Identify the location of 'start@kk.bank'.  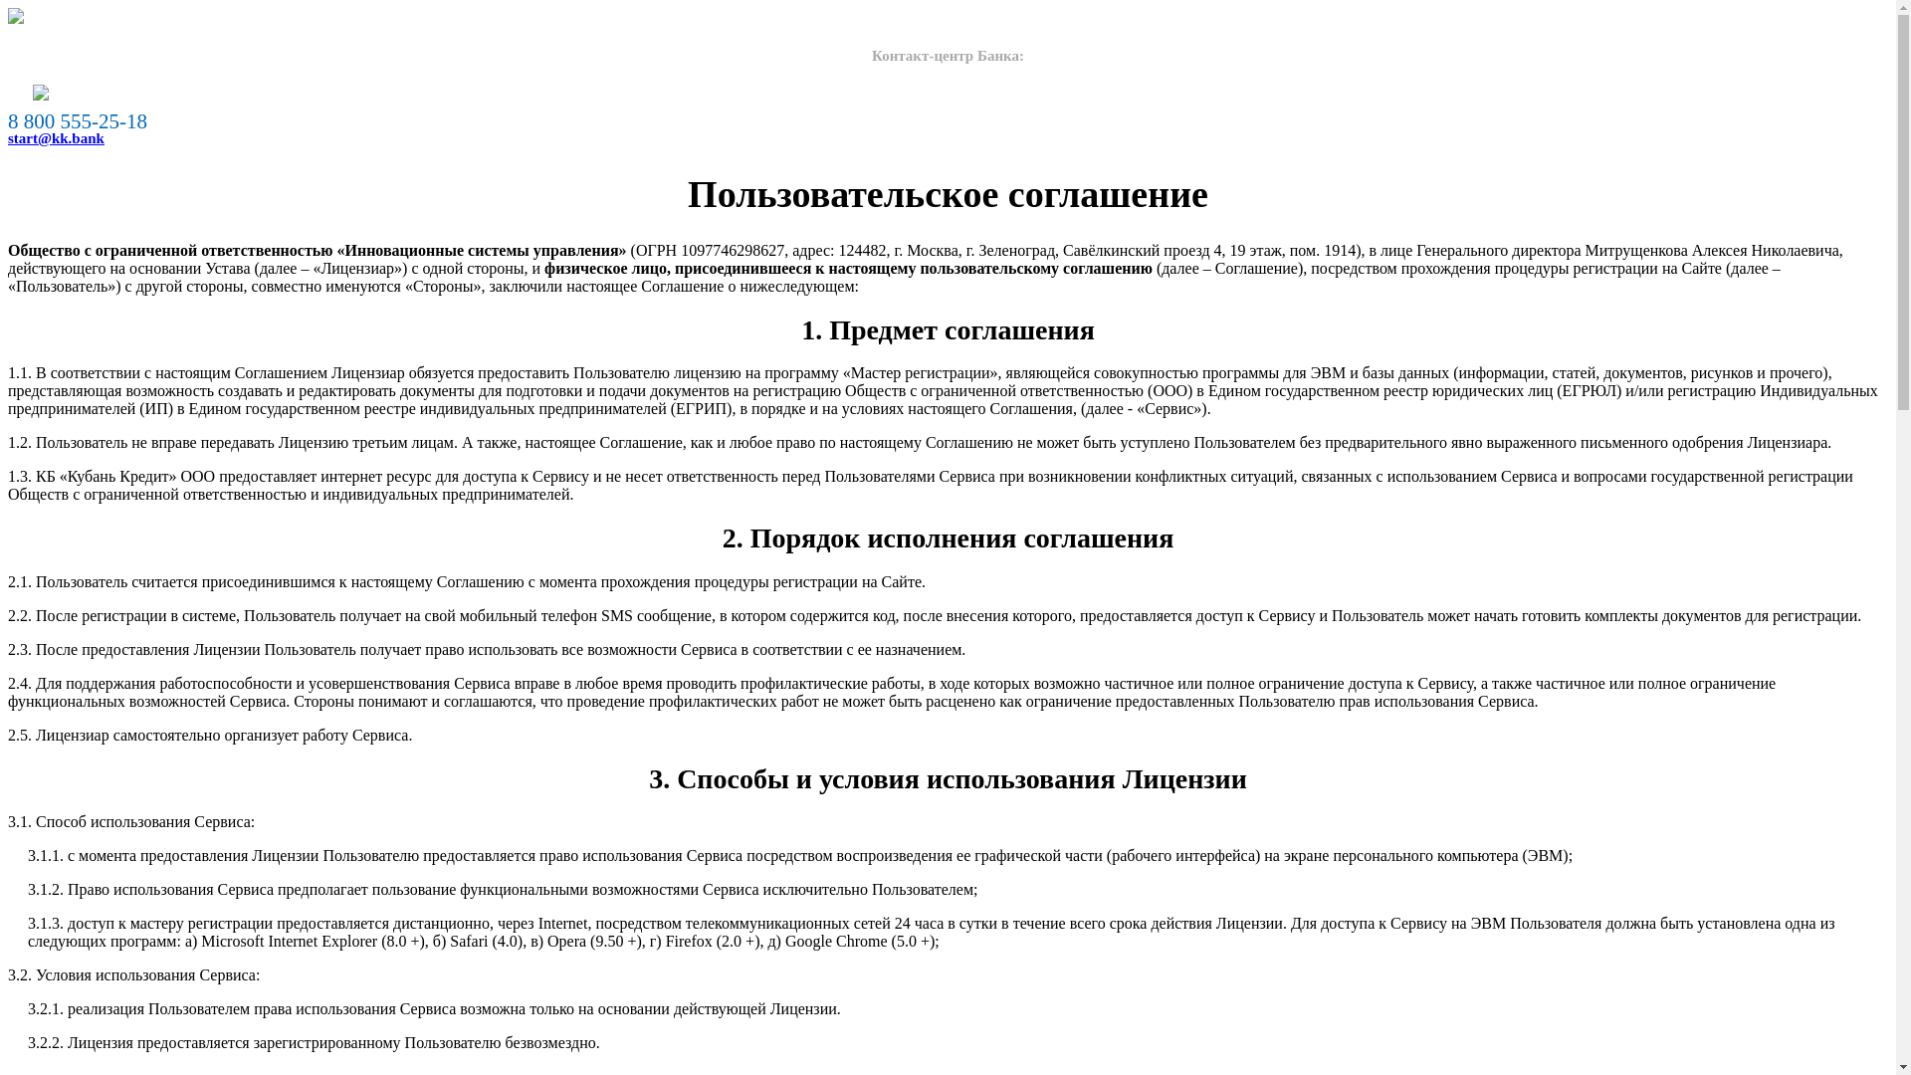
(8, 136).